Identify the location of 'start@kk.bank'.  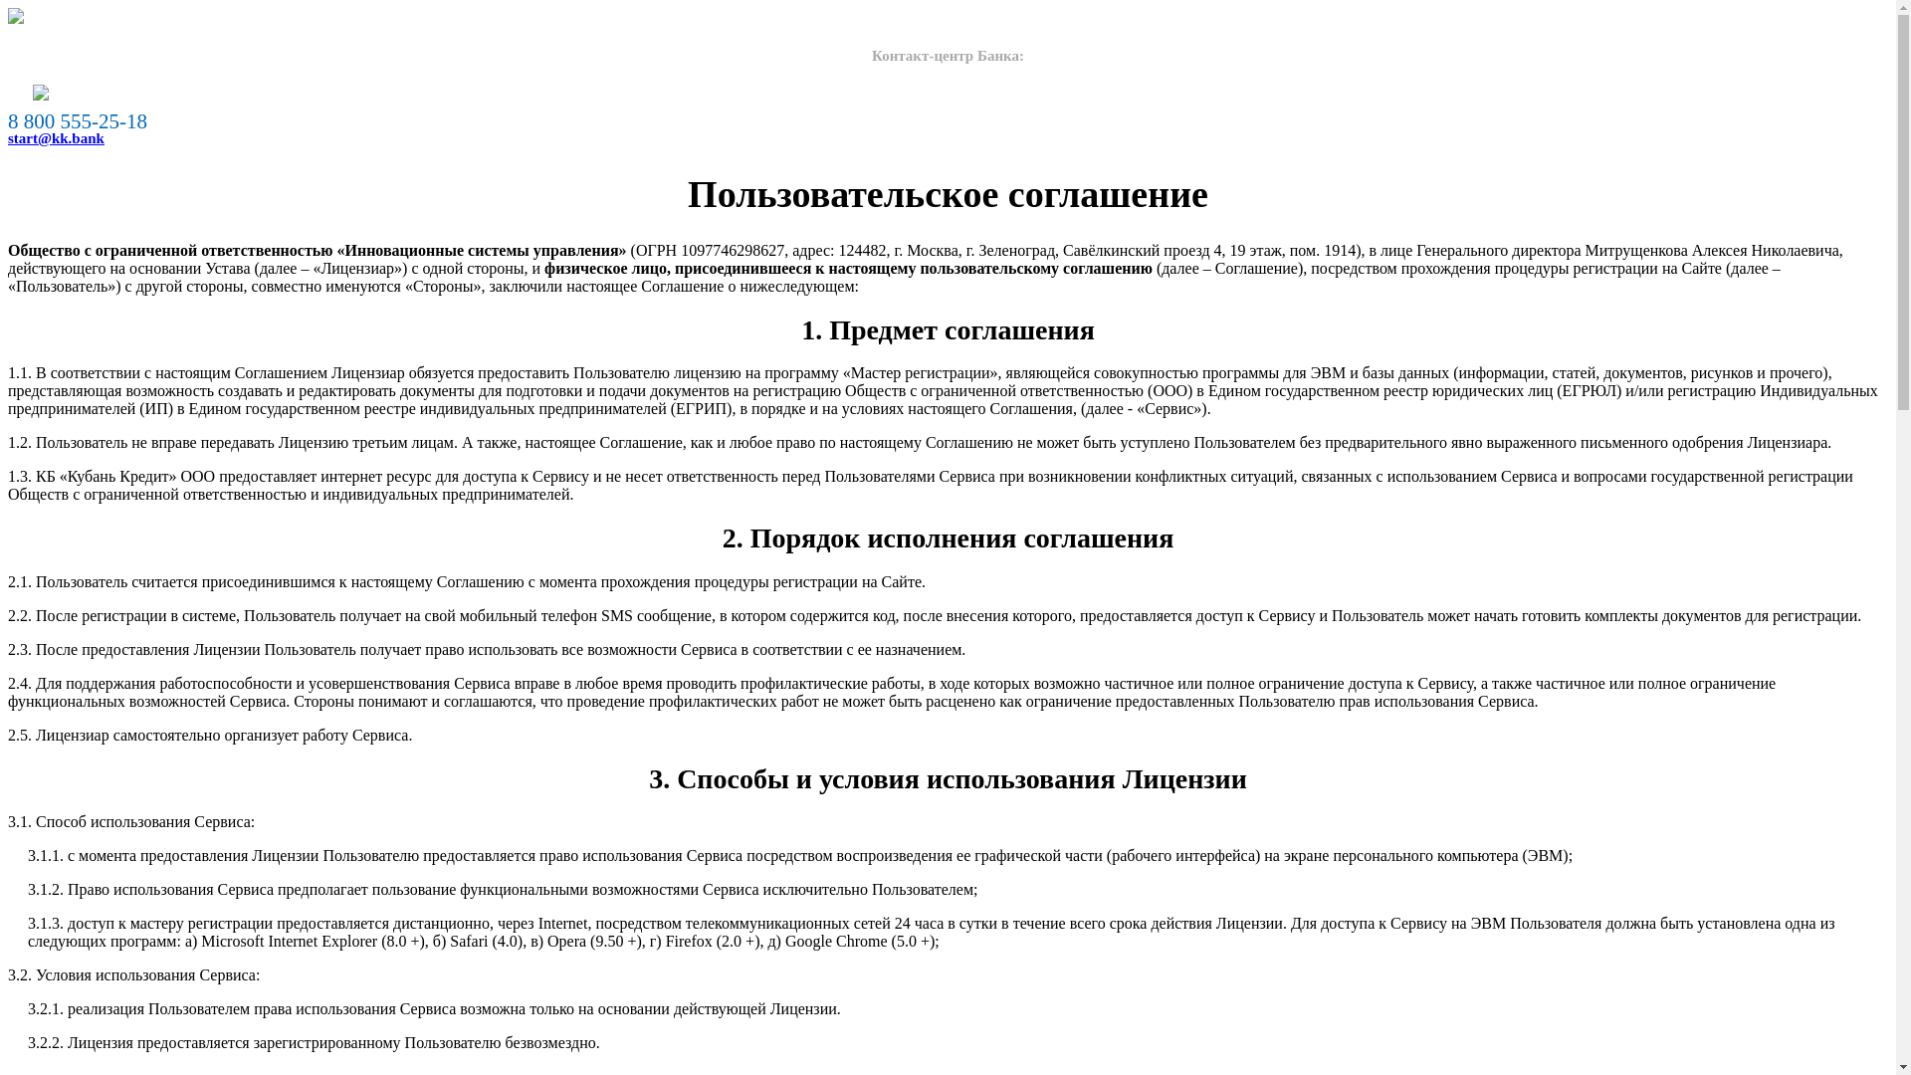
(8, 136).